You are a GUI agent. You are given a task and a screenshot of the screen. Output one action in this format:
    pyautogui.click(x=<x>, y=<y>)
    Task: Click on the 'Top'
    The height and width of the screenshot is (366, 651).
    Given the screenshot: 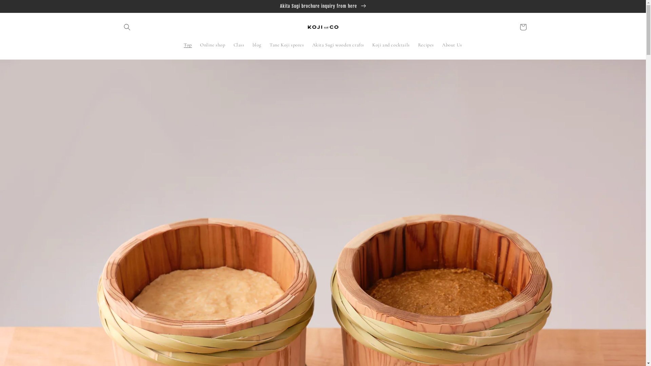 What is the action you would take?
    pyautogui.click(x=179, y=45)
    